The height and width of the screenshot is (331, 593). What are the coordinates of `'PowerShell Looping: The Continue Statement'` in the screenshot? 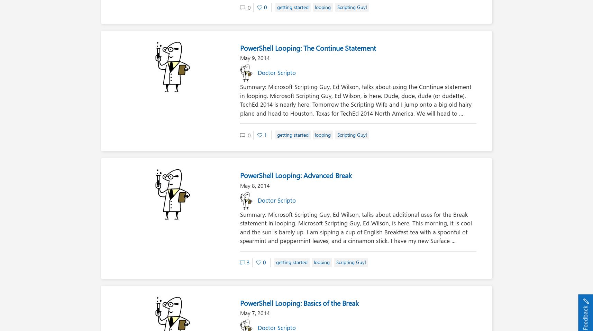 It's located at (307, 47).